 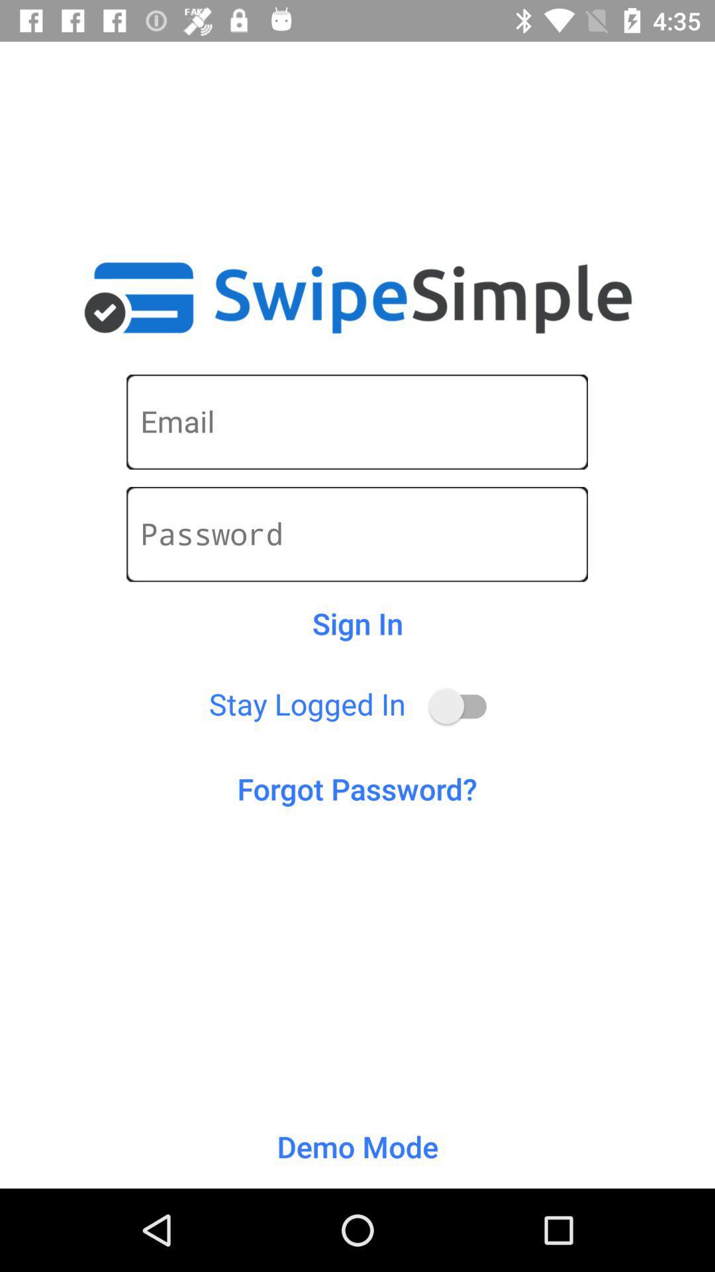 What do you see at coordinates (358, 1146) in the screenshot?
I see `icon below the forgot password? icon` at bounding box center [358, 1146].